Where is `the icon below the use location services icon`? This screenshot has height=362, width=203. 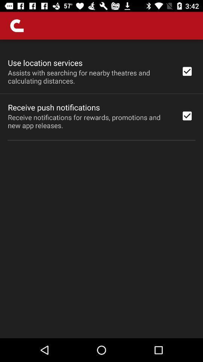
the icon below the use location services icon is located at coordinates (89, 77).